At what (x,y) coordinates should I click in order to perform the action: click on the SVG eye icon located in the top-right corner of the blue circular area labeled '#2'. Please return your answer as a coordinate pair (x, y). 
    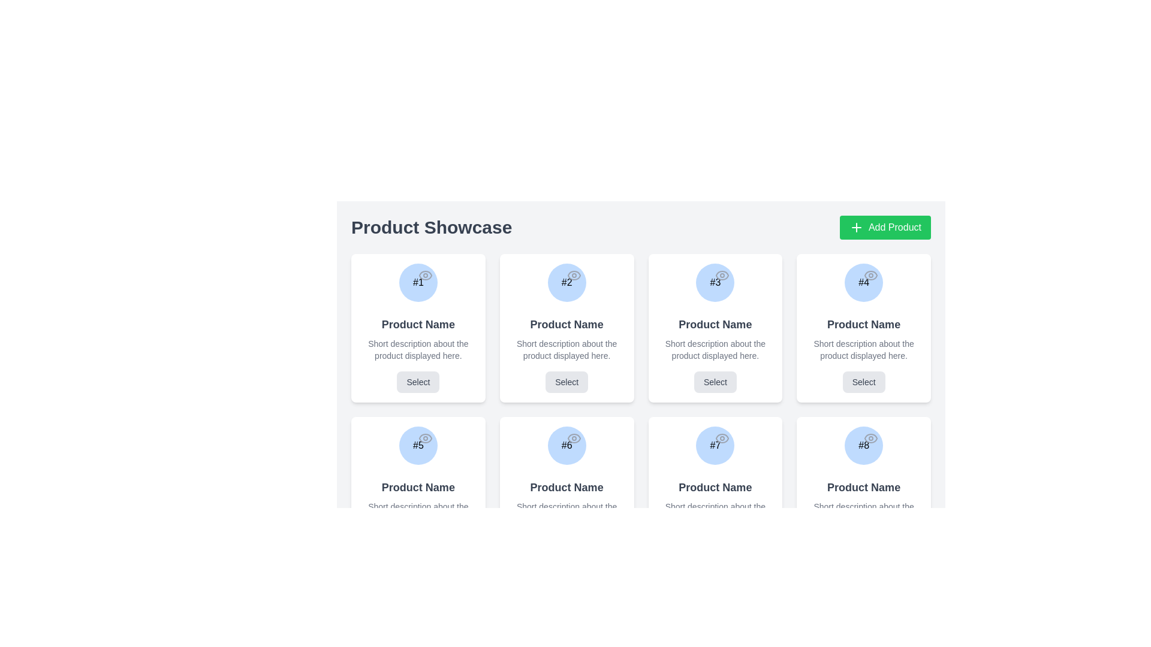
    Looking at the image, I should click on (573, 275).